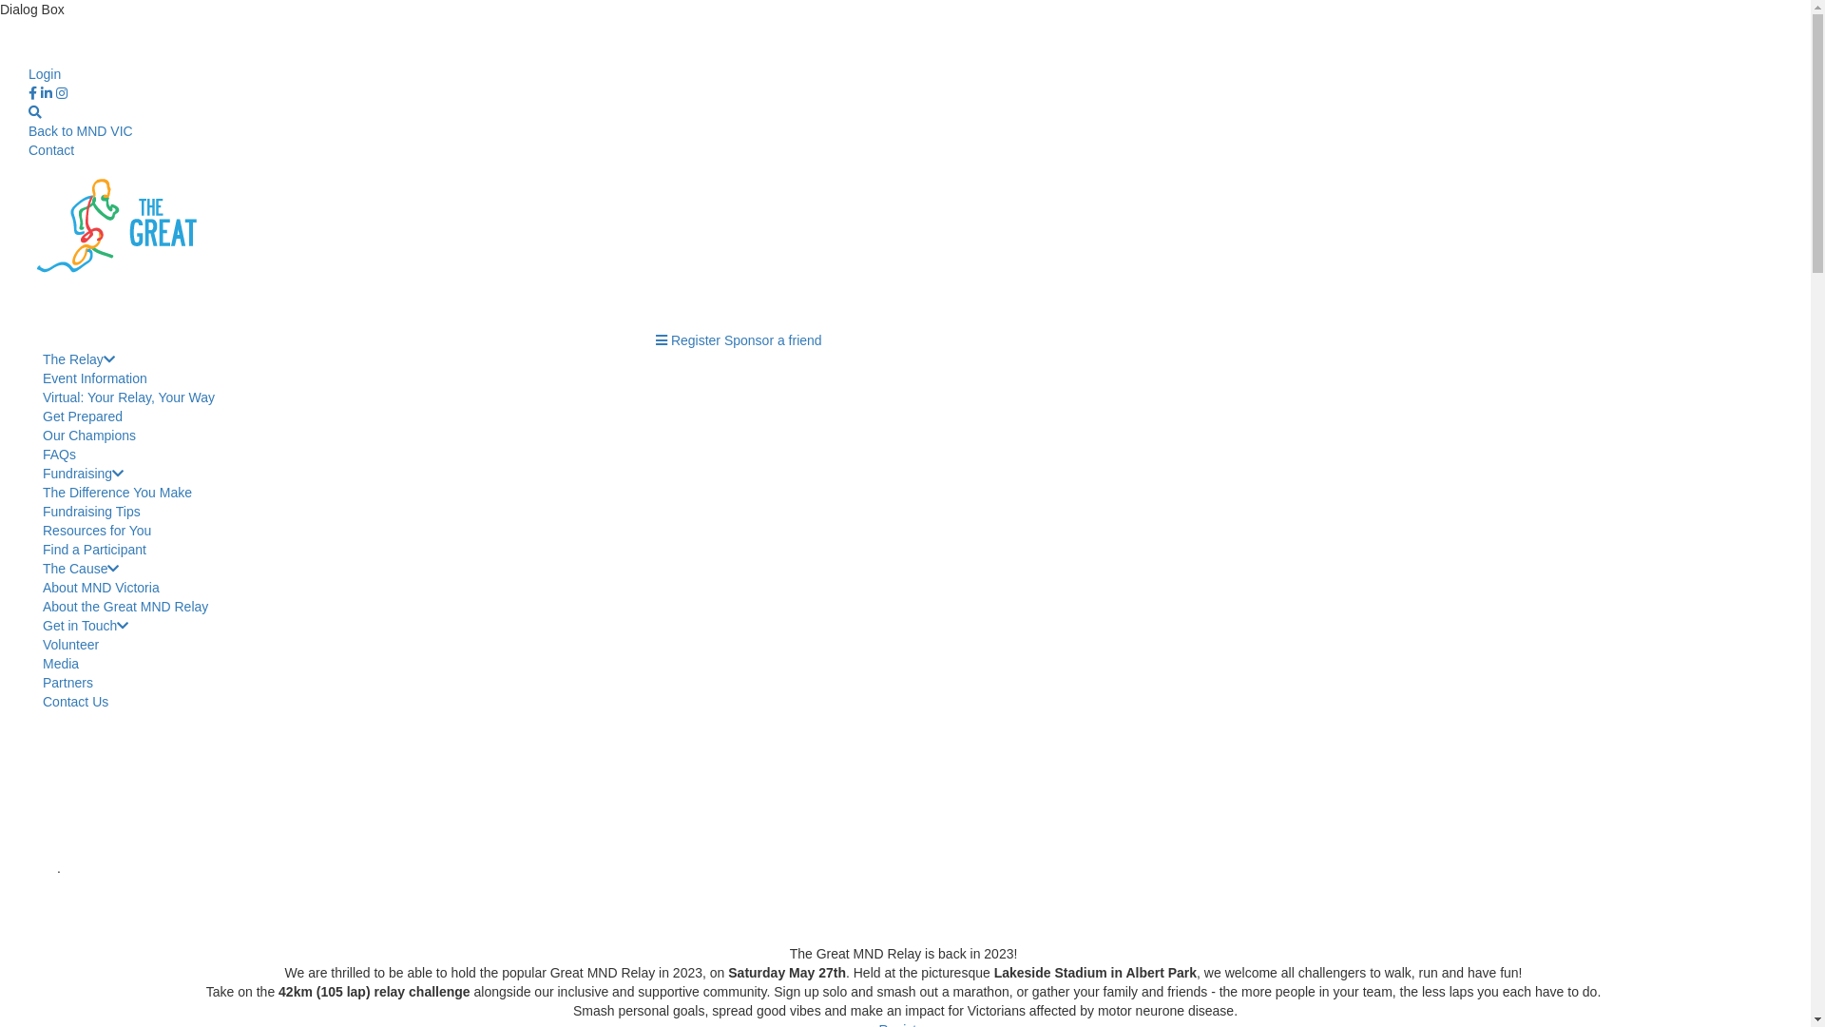  Describe the element at coordinates (694, 339) in the screenshot. I see `'Register'` at that location.